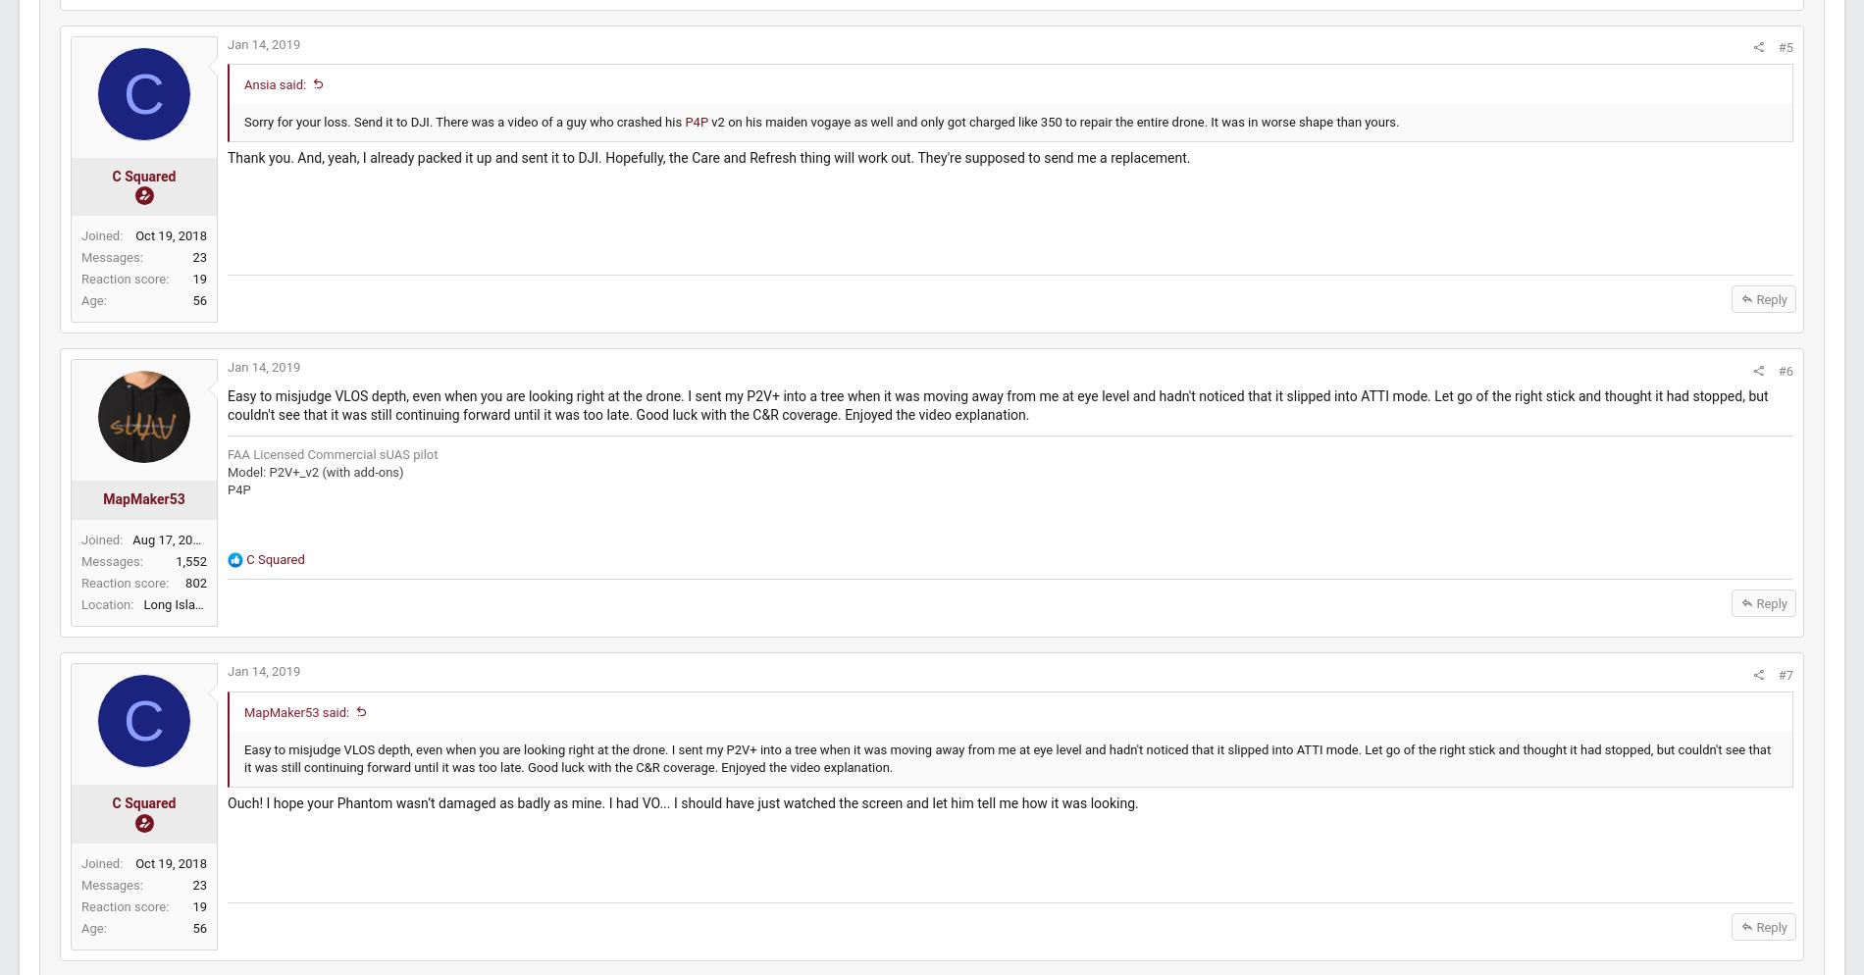 This screenshot has width=1864, height=975. Describe the element at coordinates (320, 103) in the screenshot. I see `'Ansia said:'` at that location.